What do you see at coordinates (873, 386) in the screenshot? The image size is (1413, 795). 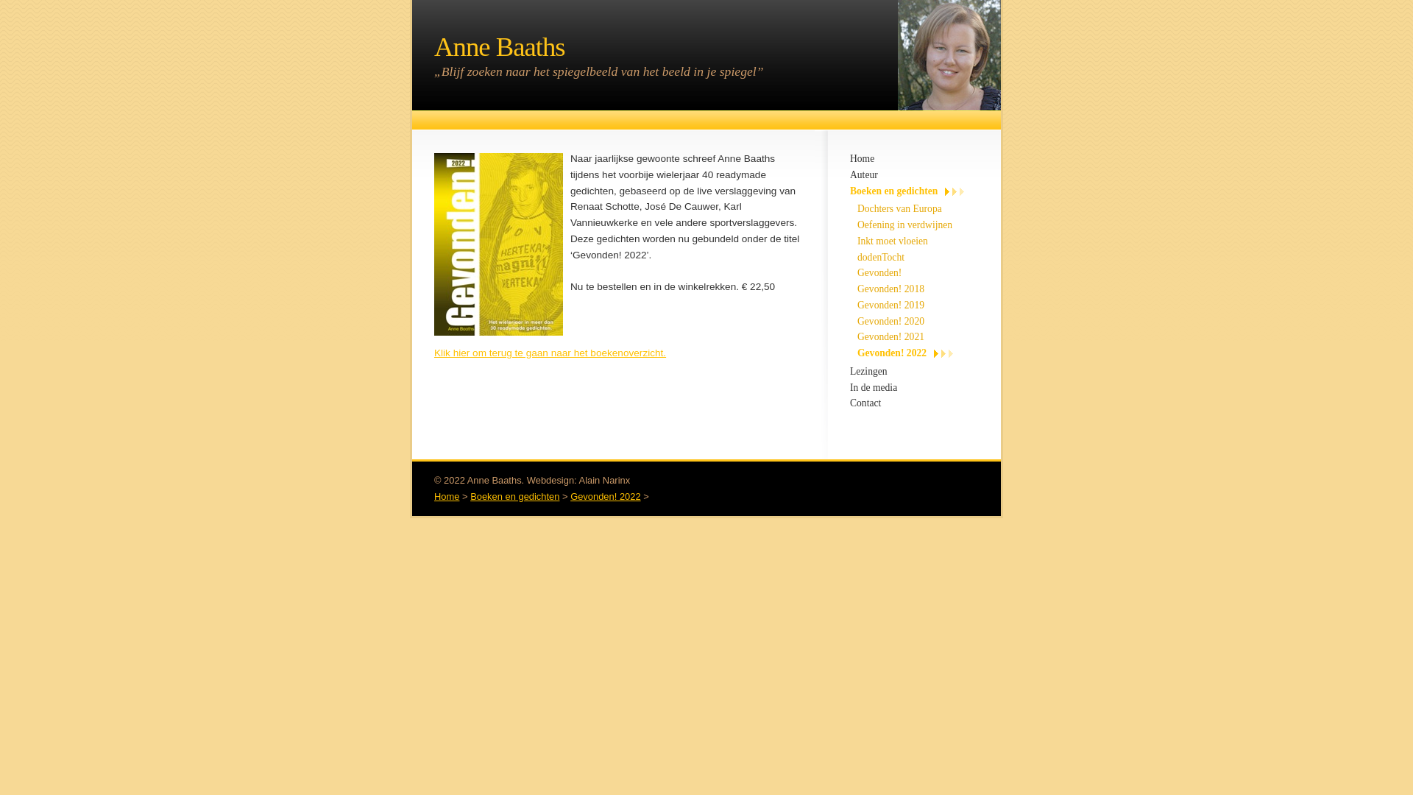 I see `'In de media'` at bounding box center [873, 386].